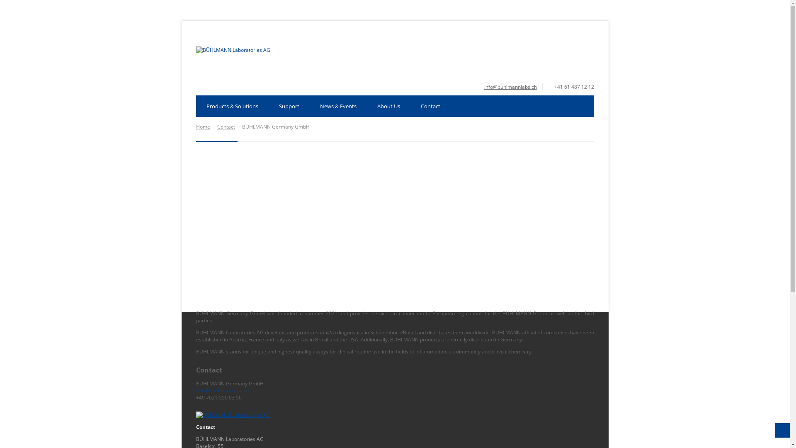 Image resolution: width=796 pixels, height=448 pixels. What do you see at coordinates (388, 105) in the screenshot?
I see `'About Us'` at bounding box center [388, 105].